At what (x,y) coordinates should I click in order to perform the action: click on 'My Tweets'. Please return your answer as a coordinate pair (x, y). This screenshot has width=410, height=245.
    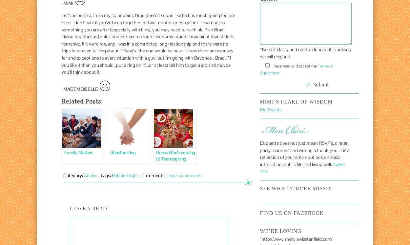
    Looking at the image, I should click on (270, 109).